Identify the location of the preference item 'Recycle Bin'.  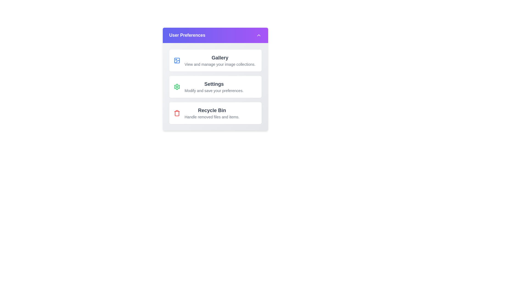
(215, 113).